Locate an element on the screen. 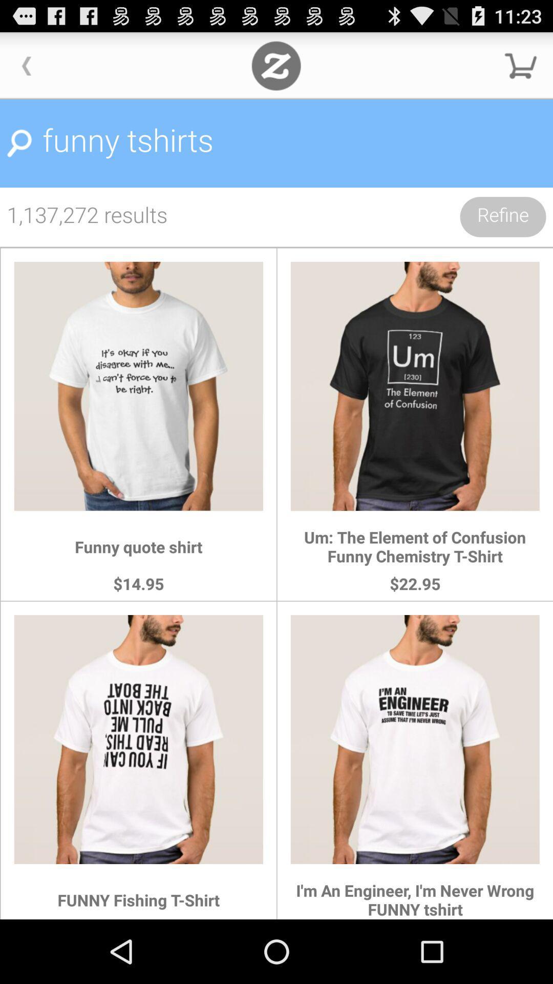 The width and height of the screenshot is (553, 984). the cart icon is located at coordinates (521, 70).